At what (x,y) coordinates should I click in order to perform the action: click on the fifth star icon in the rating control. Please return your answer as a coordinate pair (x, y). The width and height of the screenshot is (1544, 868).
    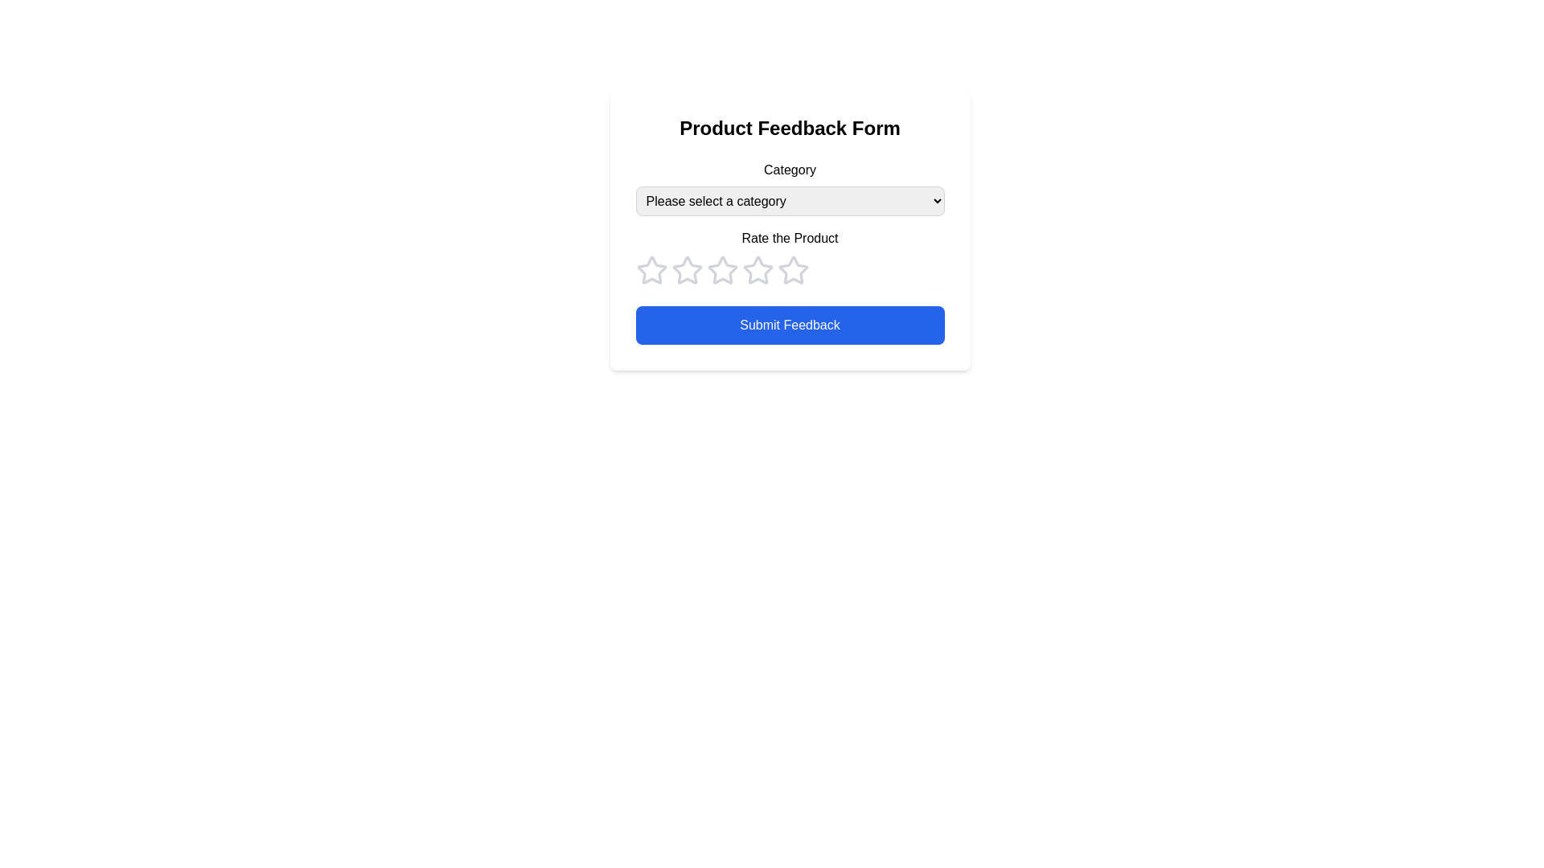
    Looking at the image, I should click on (793, 269).